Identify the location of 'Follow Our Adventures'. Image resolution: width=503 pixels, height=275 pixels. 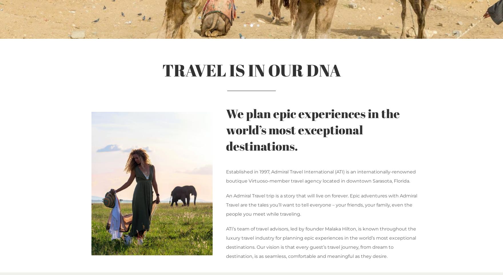
(137, 154).